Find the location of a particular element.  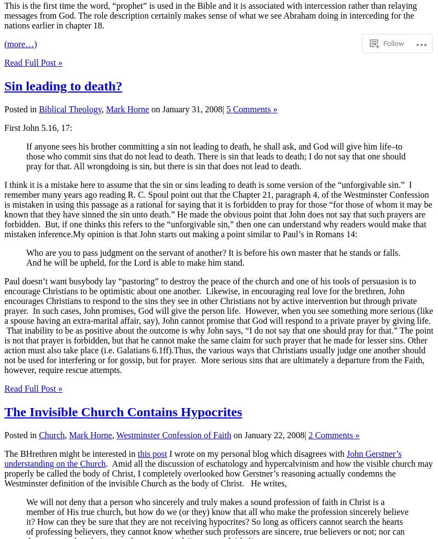

'Westminster Confession of Faith' is located at coordinates (172, 434).